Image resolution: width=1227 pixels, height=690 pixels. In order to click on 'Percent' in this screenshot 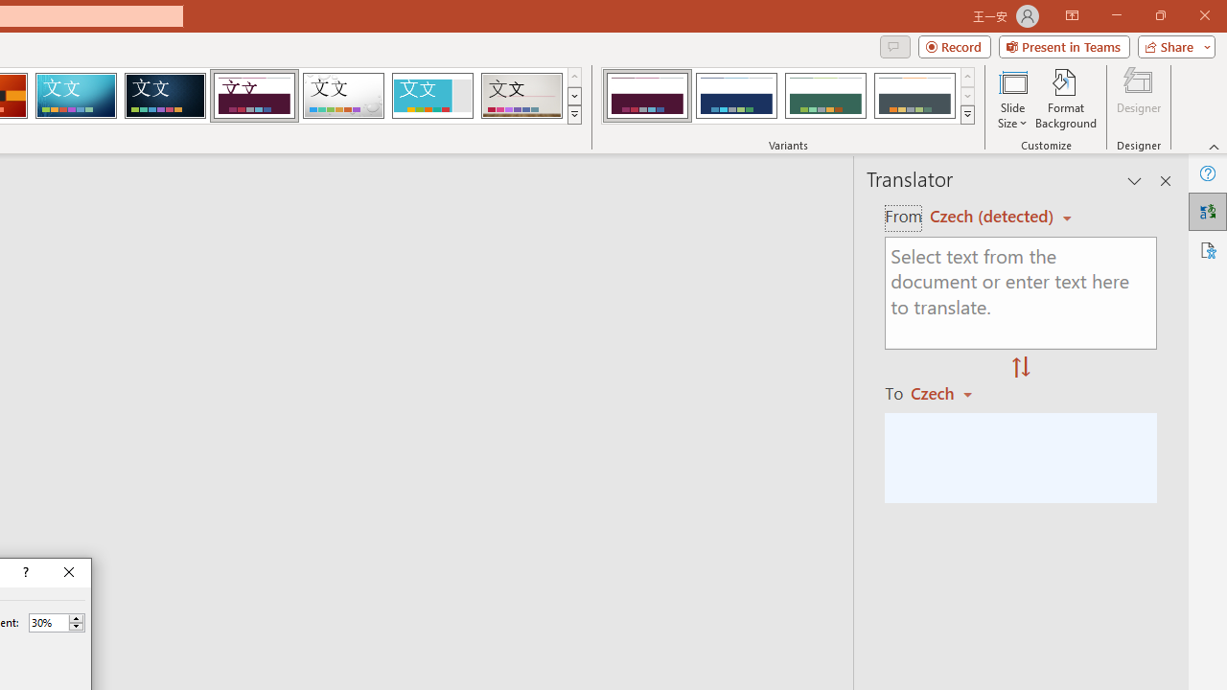, I will do `click(57, 623)`.